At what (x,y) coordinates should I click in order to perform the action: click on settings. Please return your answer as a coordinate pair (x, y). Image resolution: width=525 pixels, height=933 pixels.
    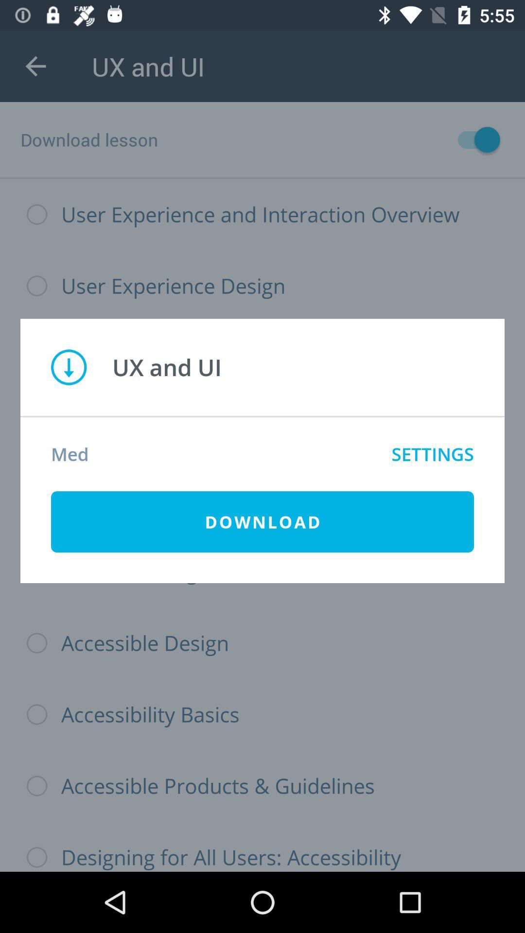
    Looking at the image, I should click on (432, 453).